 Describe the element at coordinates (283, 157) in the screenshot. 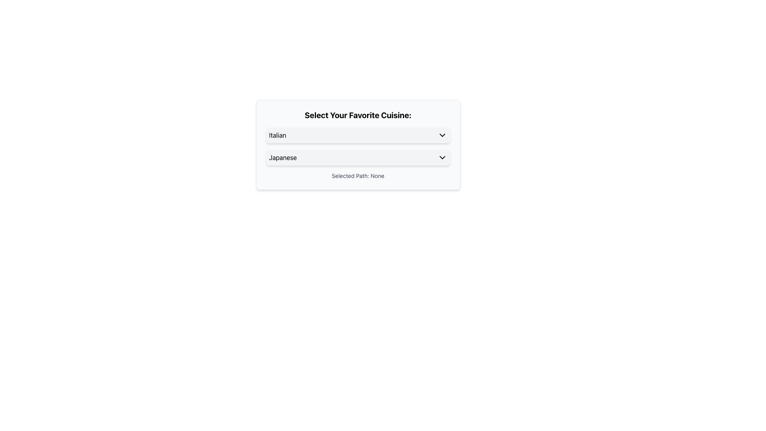

I see `the static text label displaying 'Japanese', which is styled in bold black font and located in a white rounded box with a gray background` at that location.